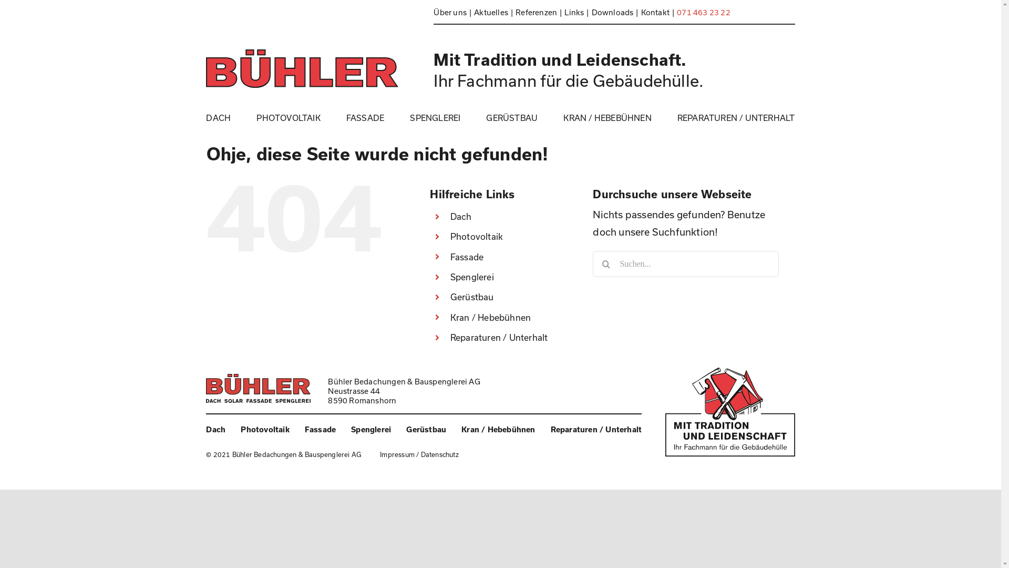 The width and height of the screenshot is (1009, 568). What do you see at coordinates (461, 216) in the screenshot?
I see `'Dach'` at bounding box center [461, 216].